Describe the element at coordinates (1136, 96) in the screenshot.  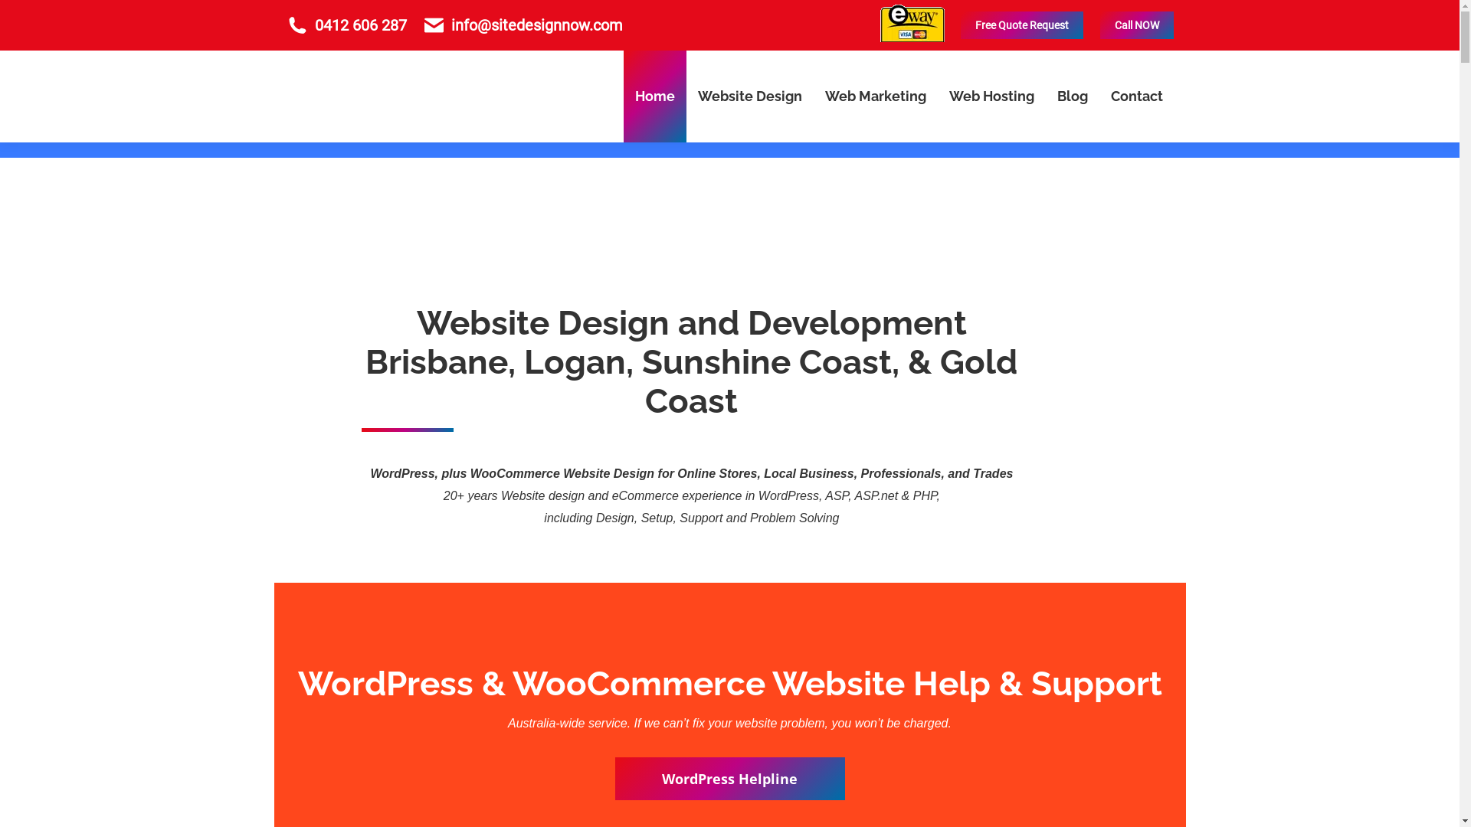
I see `'Contact'` at that location.